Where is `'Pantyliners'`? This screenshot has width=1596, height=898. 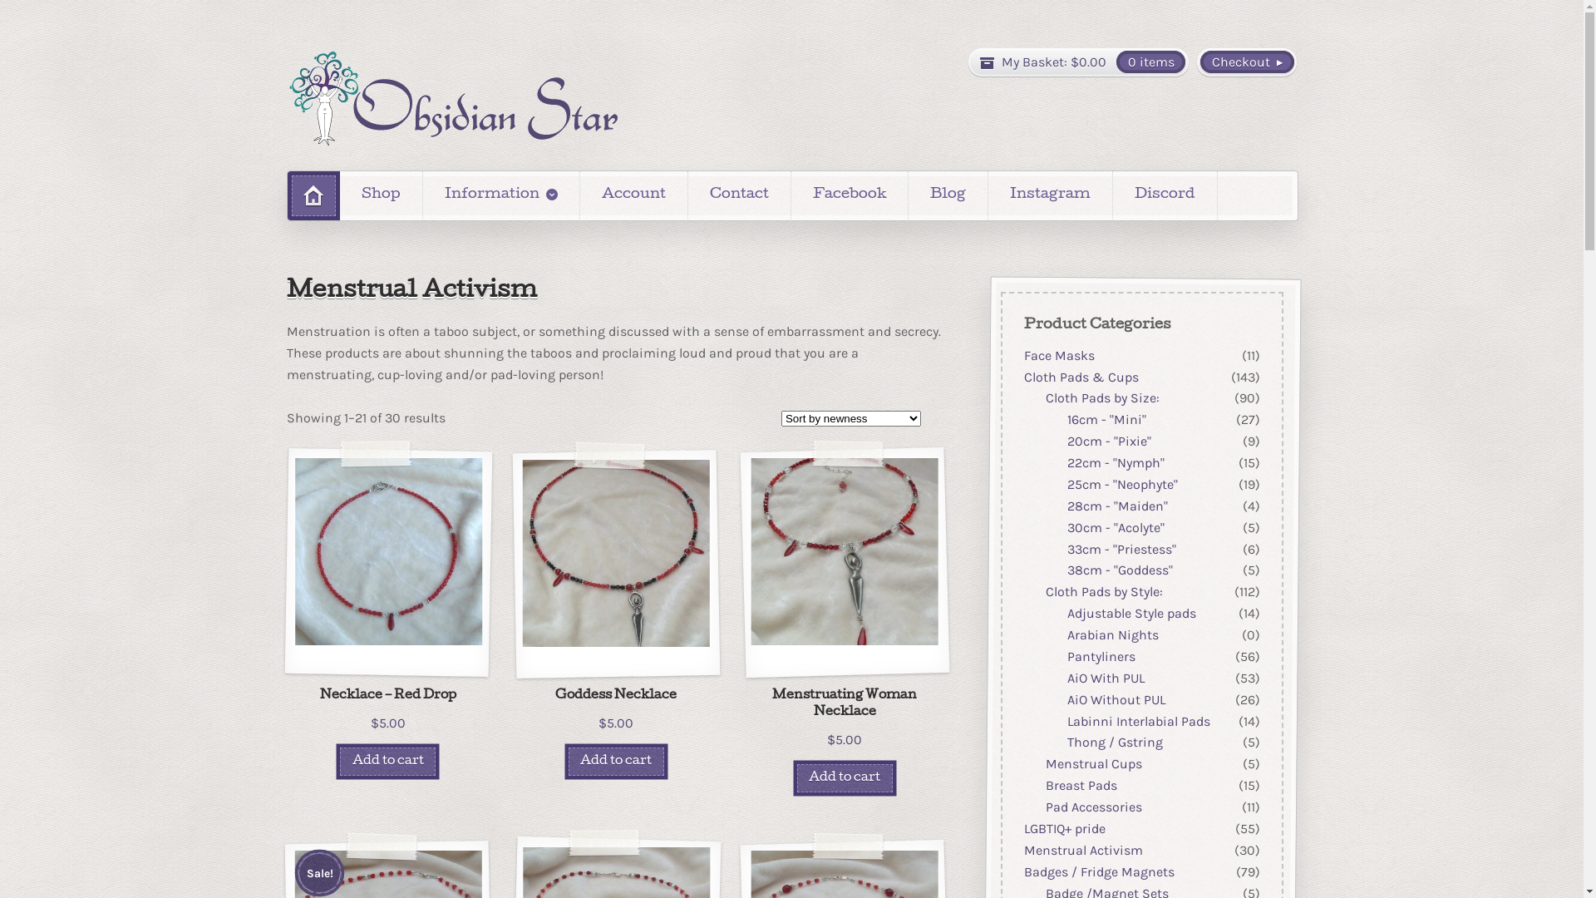 'Pantyliners' is located at coordinates (1101, 655).